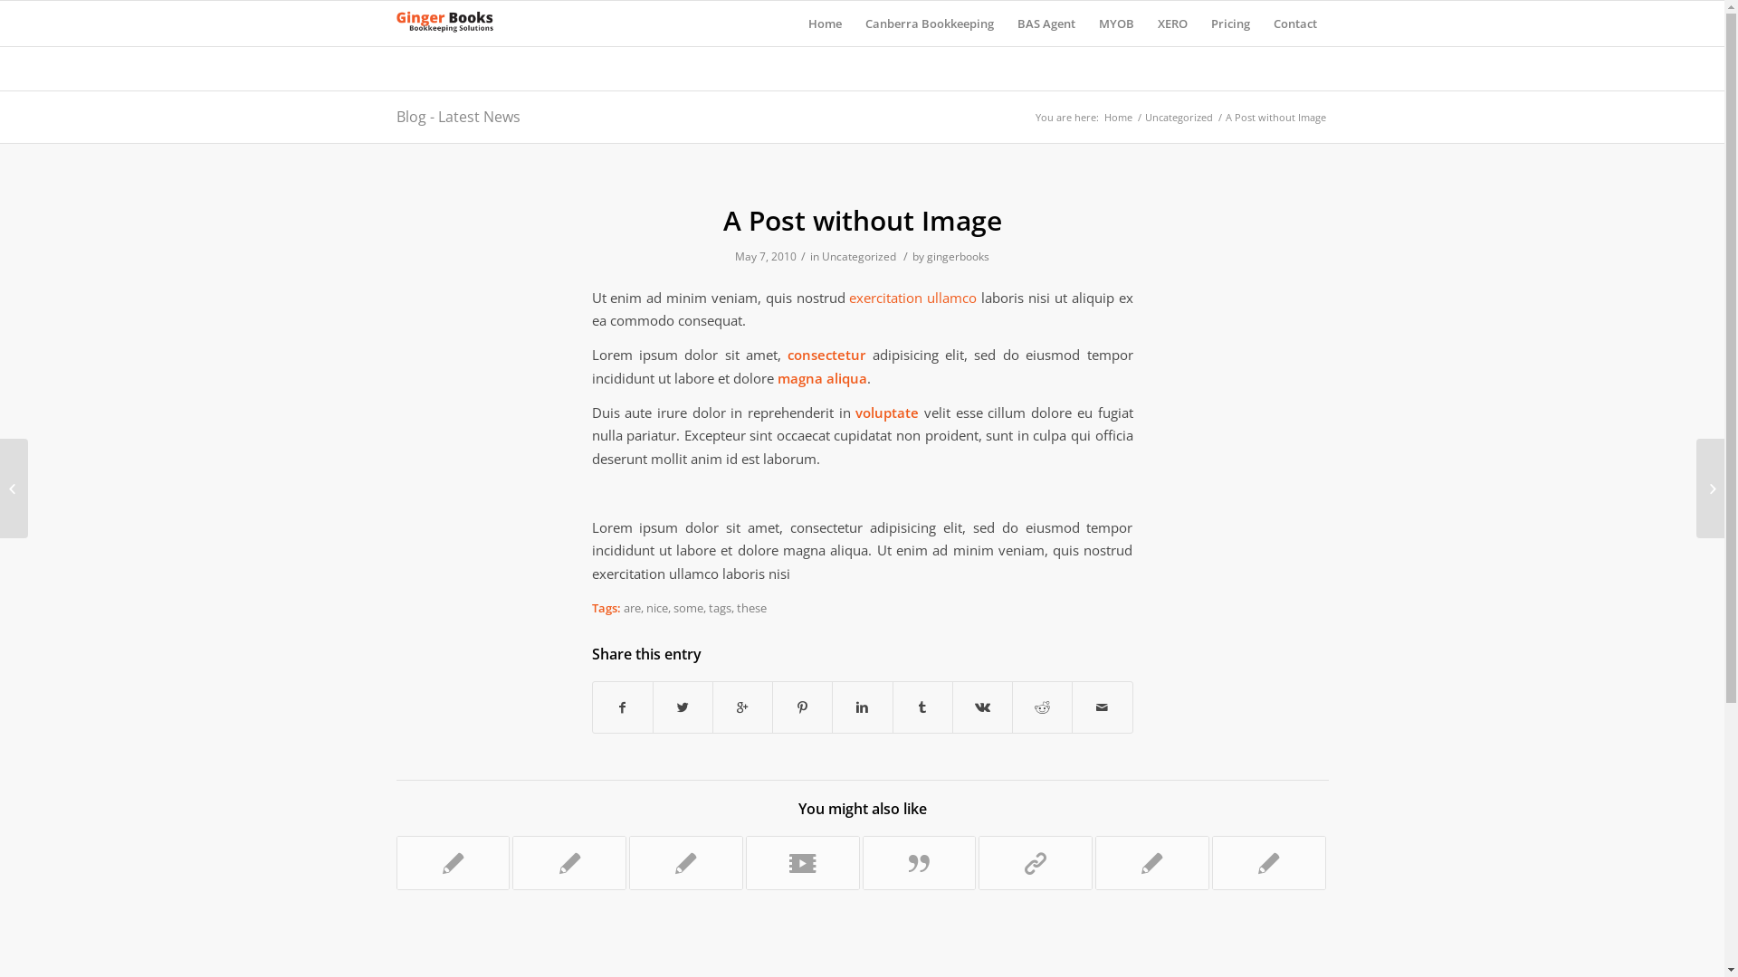  What do you see at coordinates (622, 607) in the screenshot?
I see `'are'` at bounding box center [622, 607].